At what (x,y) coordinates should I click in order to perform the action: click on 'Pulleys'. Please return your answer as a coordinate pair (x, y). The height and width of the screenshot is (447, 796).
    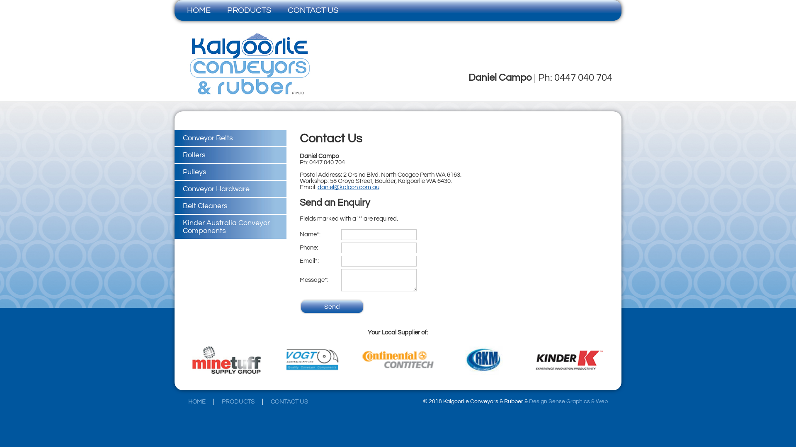
    Looking at the image, I should click on (174, 171).